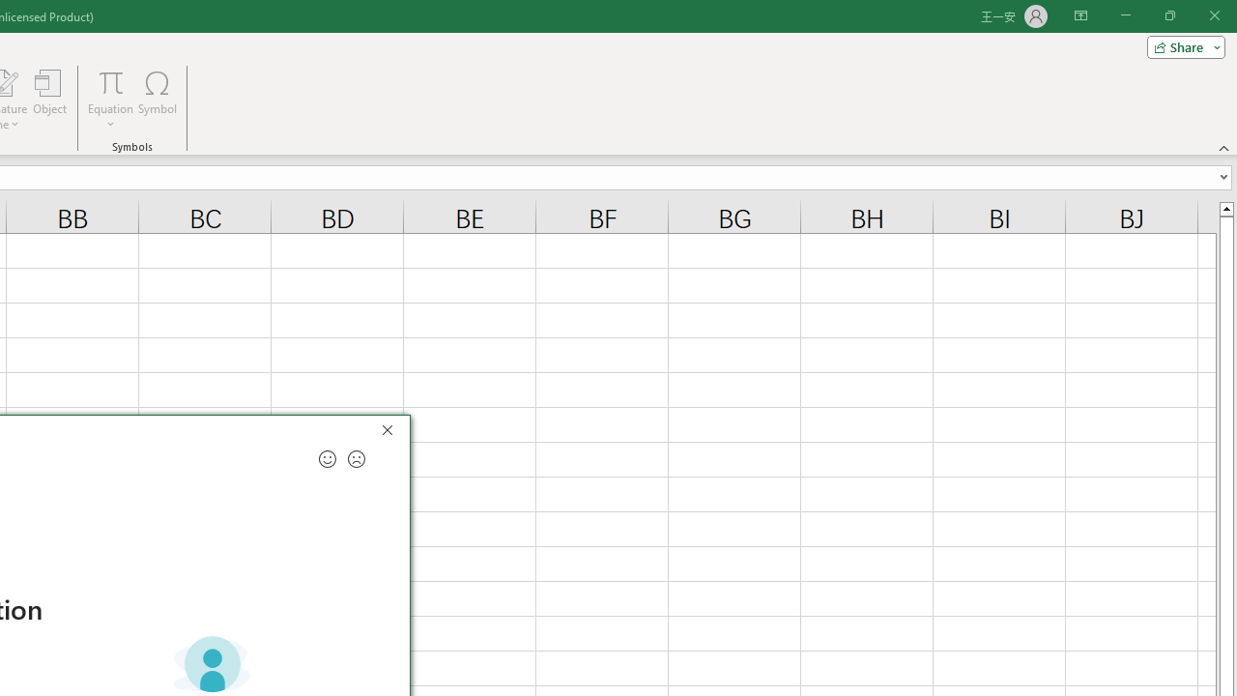  What do you see at coordinates (328, 459) in the screenshot?
I see `'Send a smile for feedback'` at bounding box center [328, 459].